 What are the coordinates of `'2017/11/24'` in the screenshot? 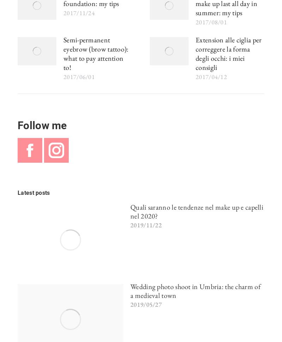 It's located at (63, 13).